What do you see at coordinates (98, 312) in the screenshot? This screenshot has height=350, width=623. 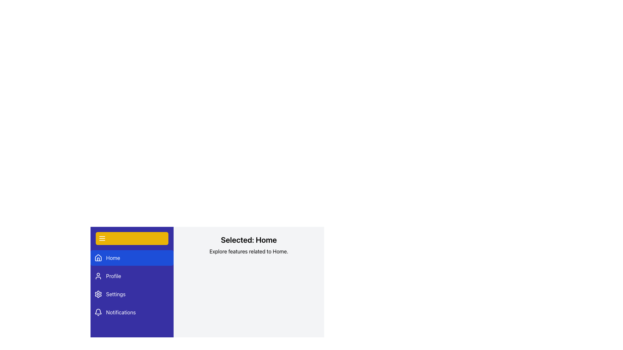 I see `the bell-shaped icon located to the left of the 'Notifications' label in the vertical side navigation bar` at bounding box center [98, 312].